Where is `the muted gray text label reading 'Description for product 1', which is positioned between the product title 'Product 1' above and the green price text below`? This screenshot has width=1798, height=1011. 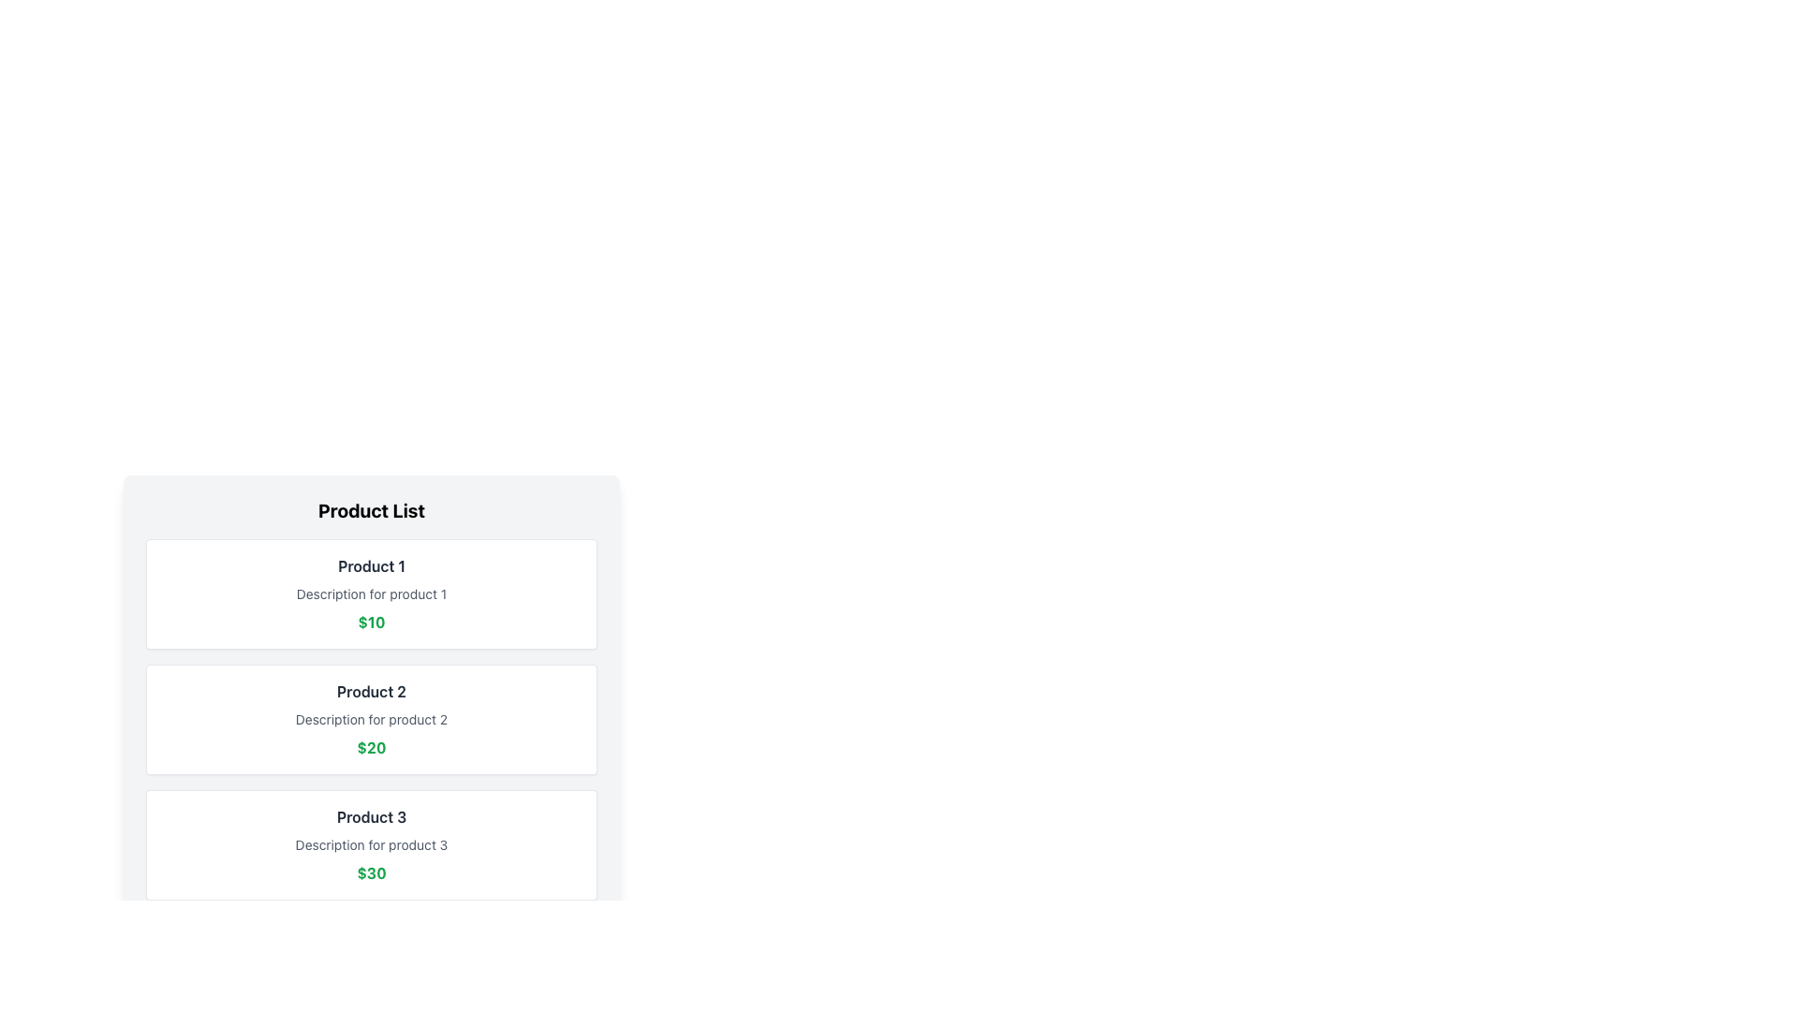
the muted gray text label reading 'Description for product 1', which is positioned between the product title 'Product 1' above and the green price text below is located at coordinates (372, 594).